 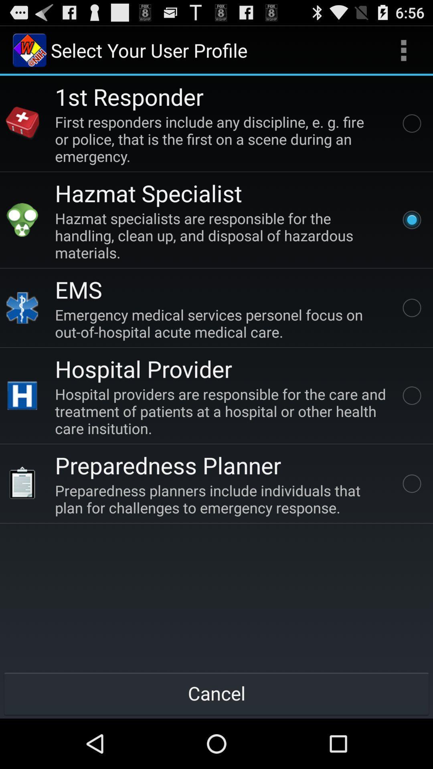 What do you see at coordinates (143, 368) in the screenshot?
I see `the app above hospital providers are icon` at bounding box center [143, 368].